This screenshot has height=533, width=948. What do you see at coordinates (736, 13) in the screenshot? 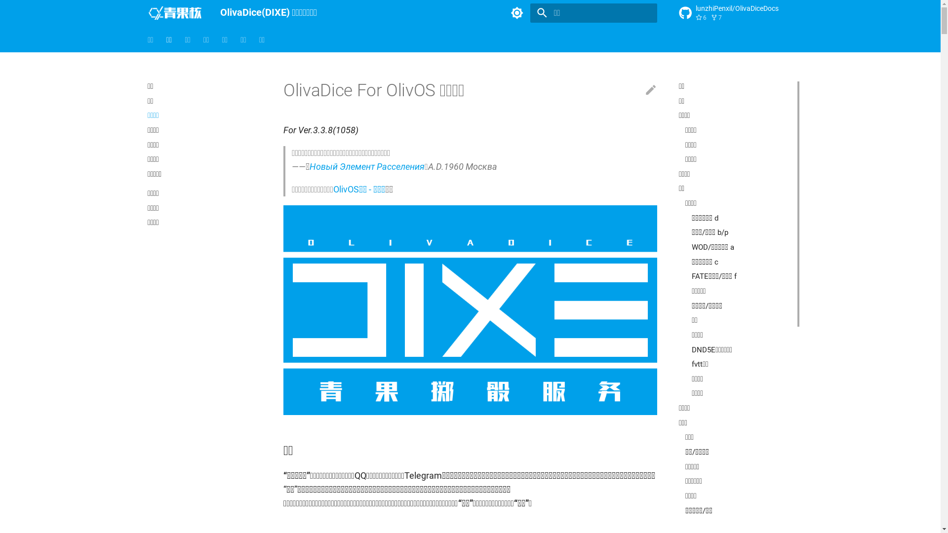
I see `'lunzhiPenxil/OlivaDiceDocs` at bounding box center [736, 13].